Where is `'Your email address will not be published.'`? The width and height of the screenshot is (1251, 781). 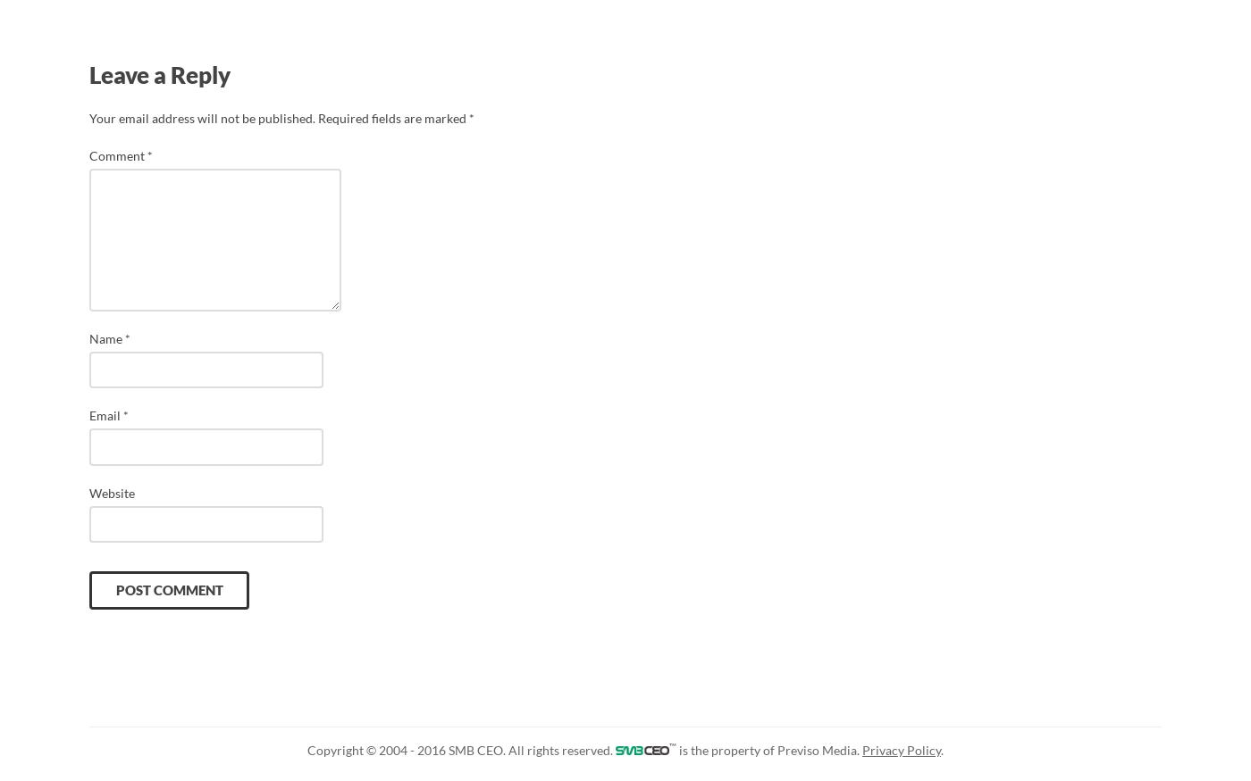 'Your email address will not be published.' is located at coordinates (202, 116).